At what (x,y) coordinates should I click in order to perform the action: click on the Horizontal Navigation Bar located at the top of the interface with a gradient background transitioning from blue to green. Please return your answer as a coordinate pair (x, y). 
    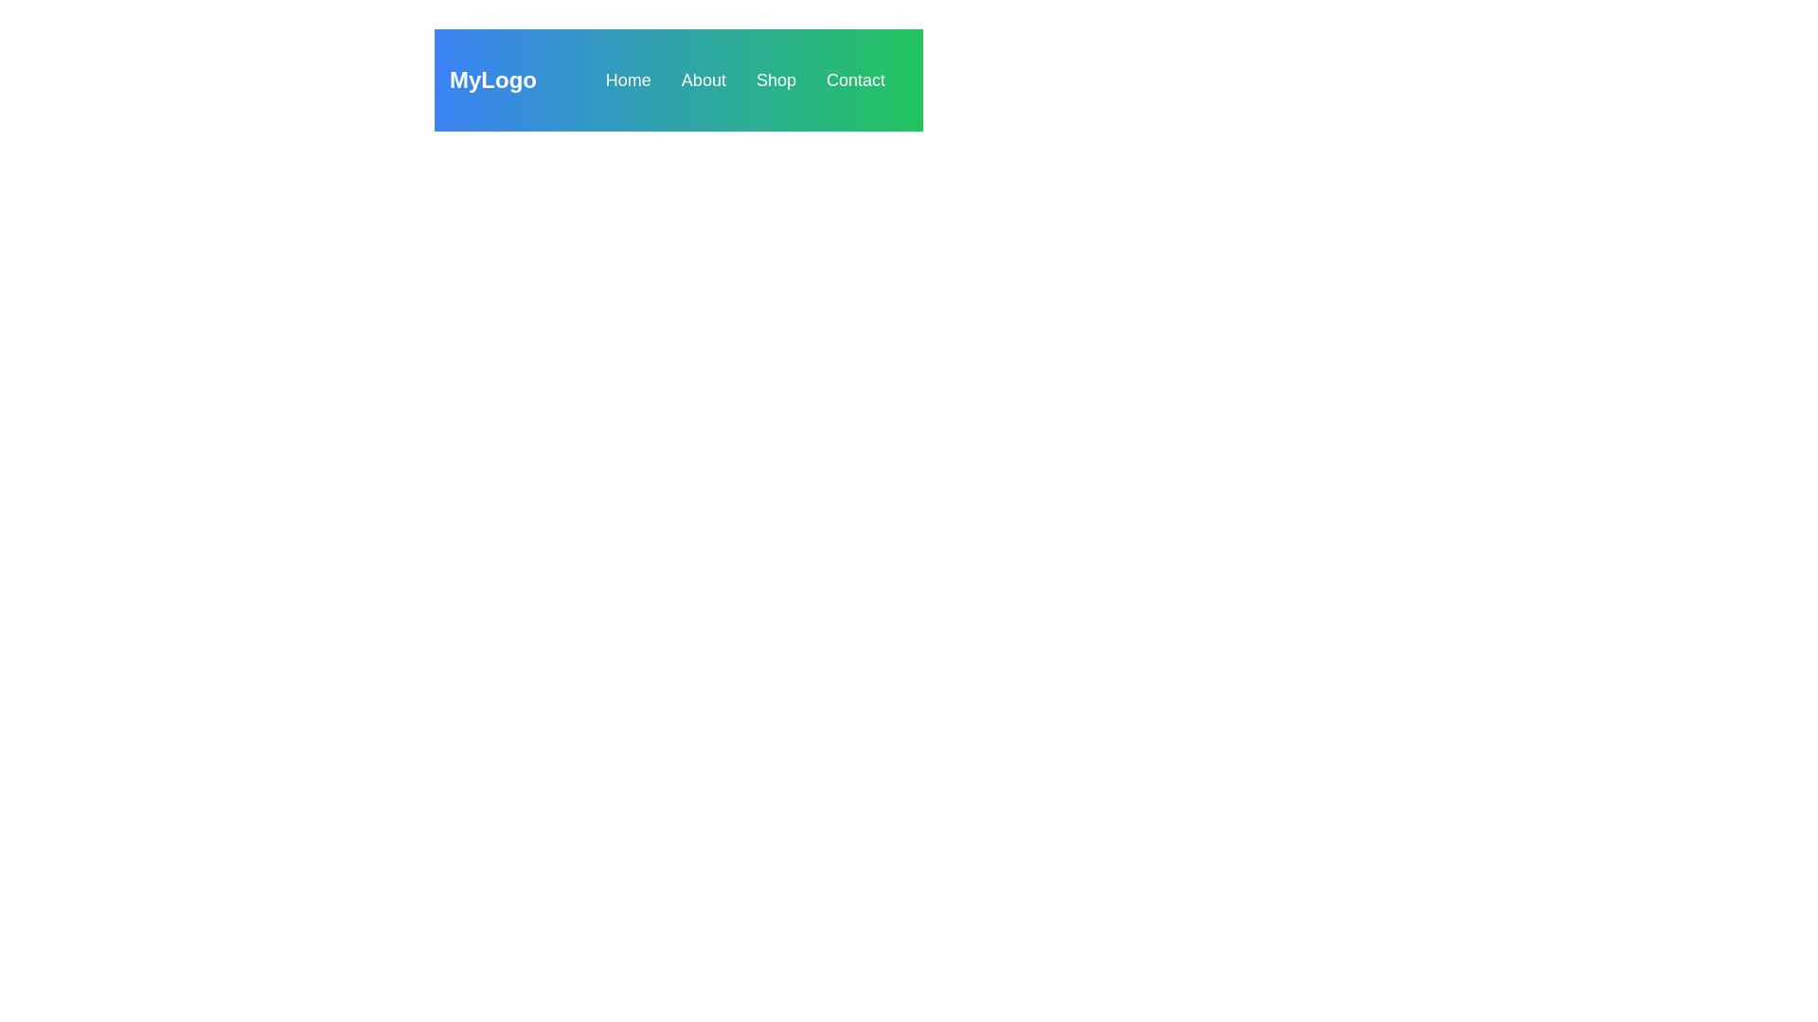
    Looking at the image, I should click on (678, 79).